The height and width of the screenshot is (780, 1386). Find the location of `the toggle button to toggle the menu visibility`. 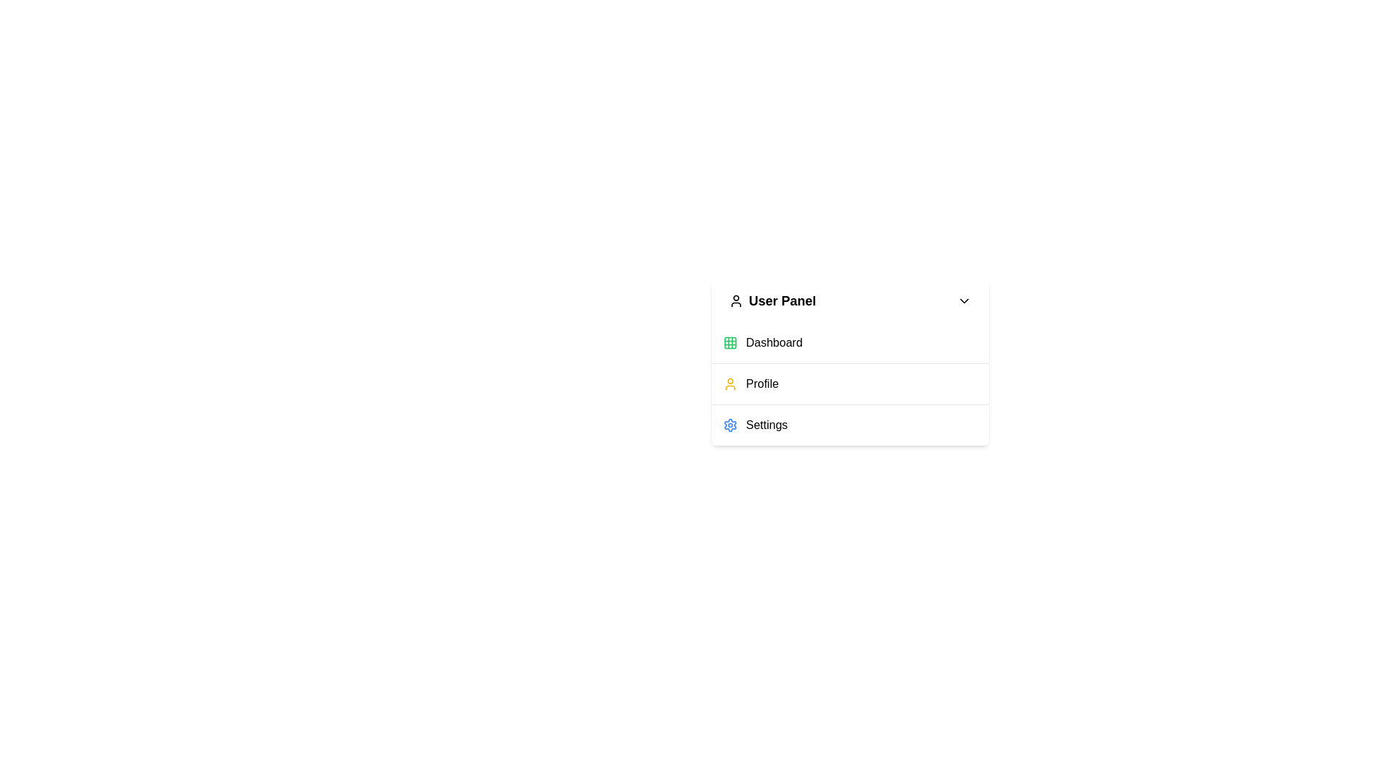

the toggle button to toggle the menu visibility is located at coordinates (850, 300).